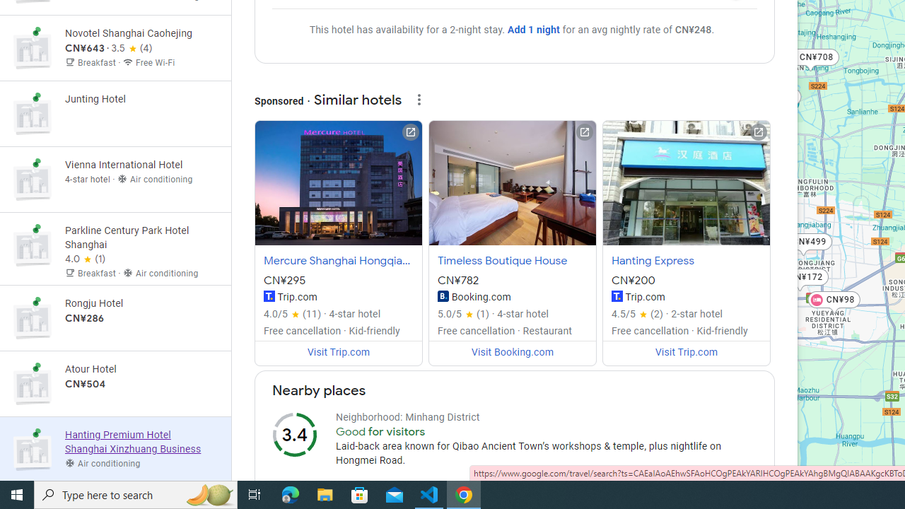 This screenshot has width=905, height=509. Describe the element at coordinates (115, 113) in the screenshot. I see `'Junting Hotel'` at that location.